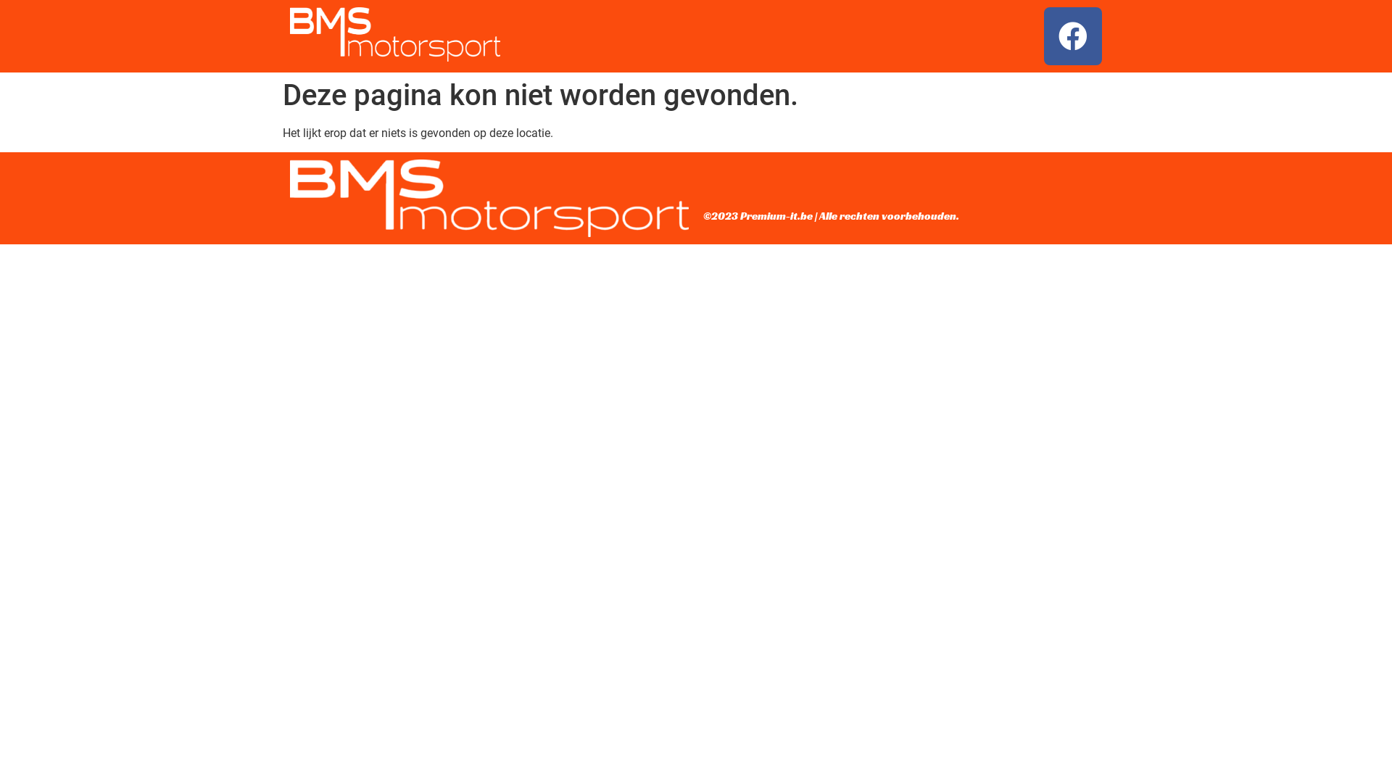 This screenshot has height=783, width=1392. What do you see at coordinates (775, 215) in the screenshot?
I see `'Premium-it.be'` at bounding box center [775, 215].